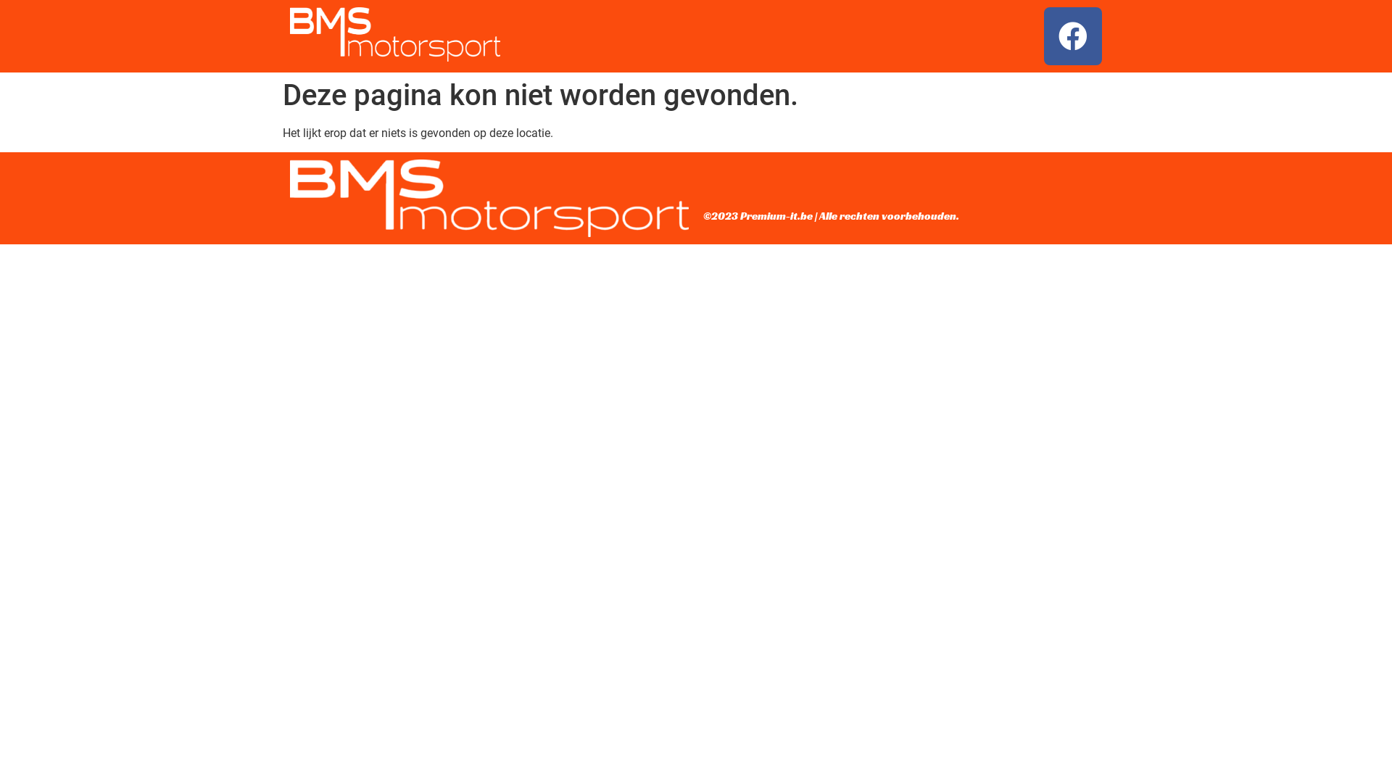 This screenshot has height=783, width=1392. What do you see at coordinates (775, 215) in the screenshot?
I see `'Premium-it.be'` at bounding box center [775, 215].